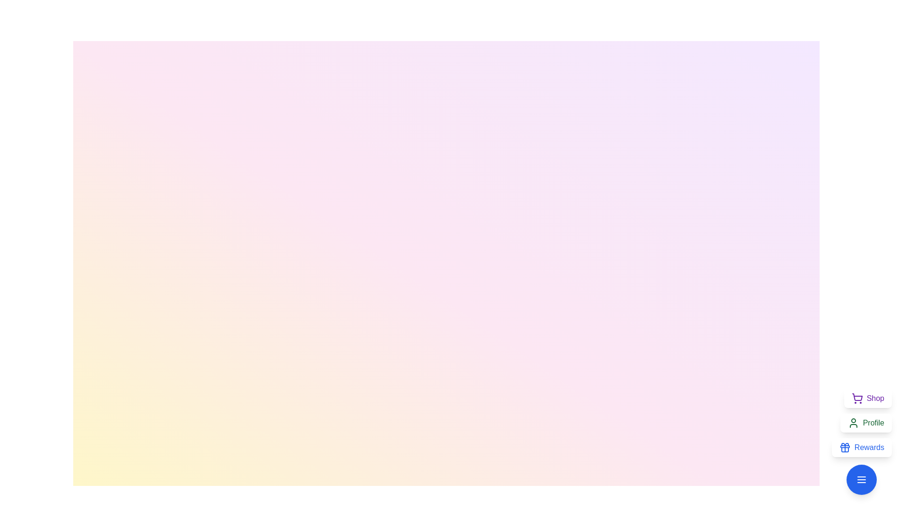 This screenshot has height=510, width=907. What do you see at coordinates (845, 446) in the screenshot?
I see `the visual decoration style of the top ribbon of the gift box icon located in the right-hand side navigation menu` at bounding box center [845, 446].